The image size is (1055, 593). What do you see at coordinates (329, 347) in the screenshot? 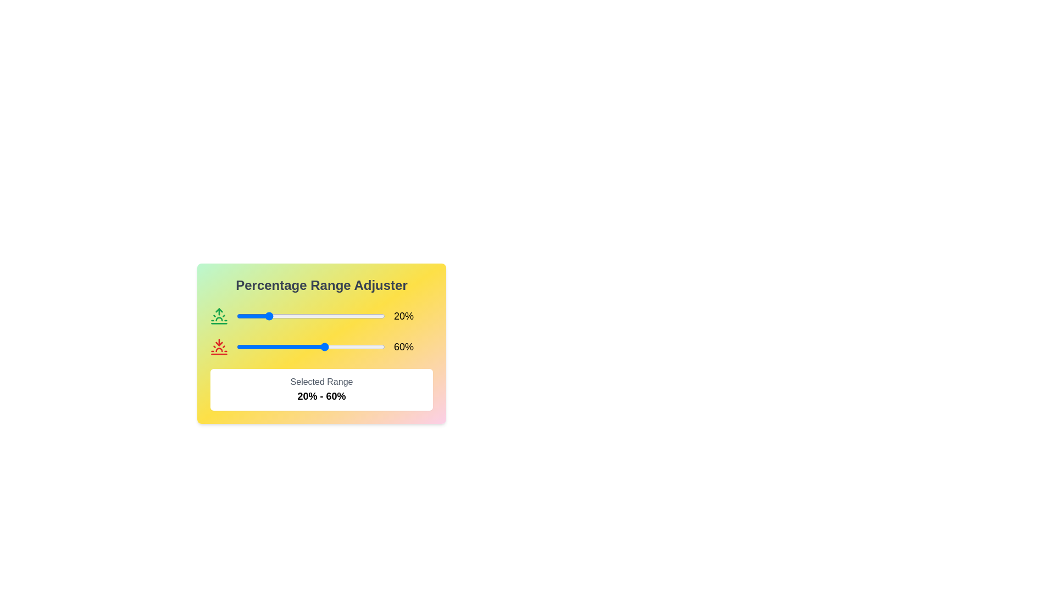
I see `the slider position` at bounding box center [329, 347].